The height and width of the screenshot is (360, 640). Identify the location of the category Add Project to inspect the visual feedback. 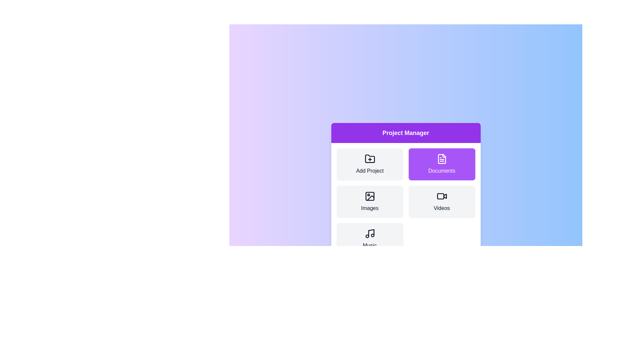
(369, 164).